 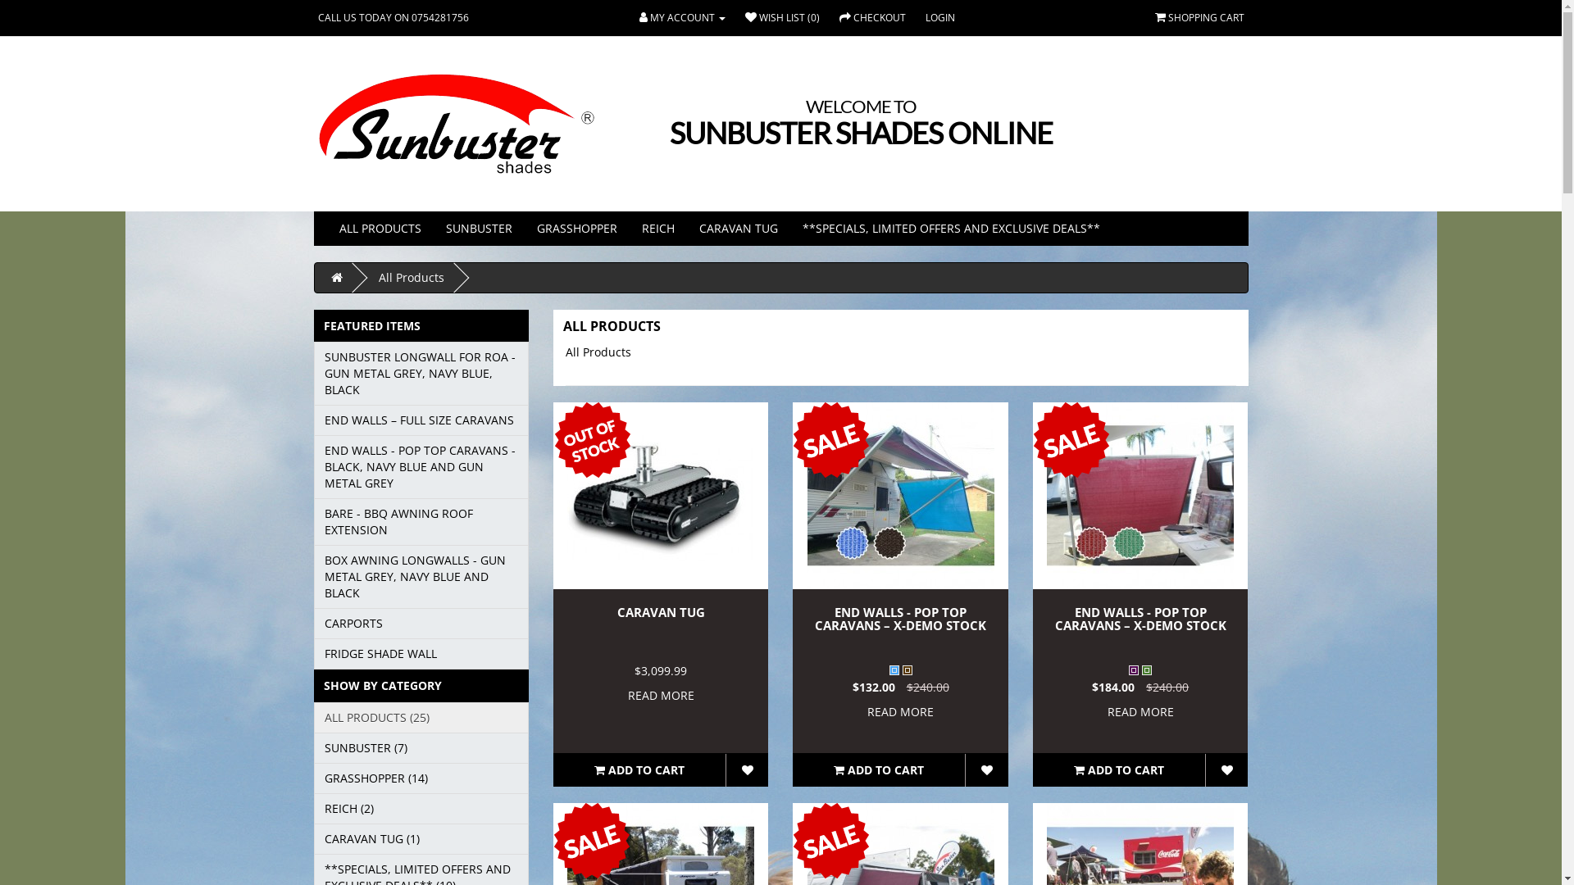 What do you see at coordinates (871, 17) in the screenshot?
I see `'CHECKOUT'` at bounding box center [871, 17].